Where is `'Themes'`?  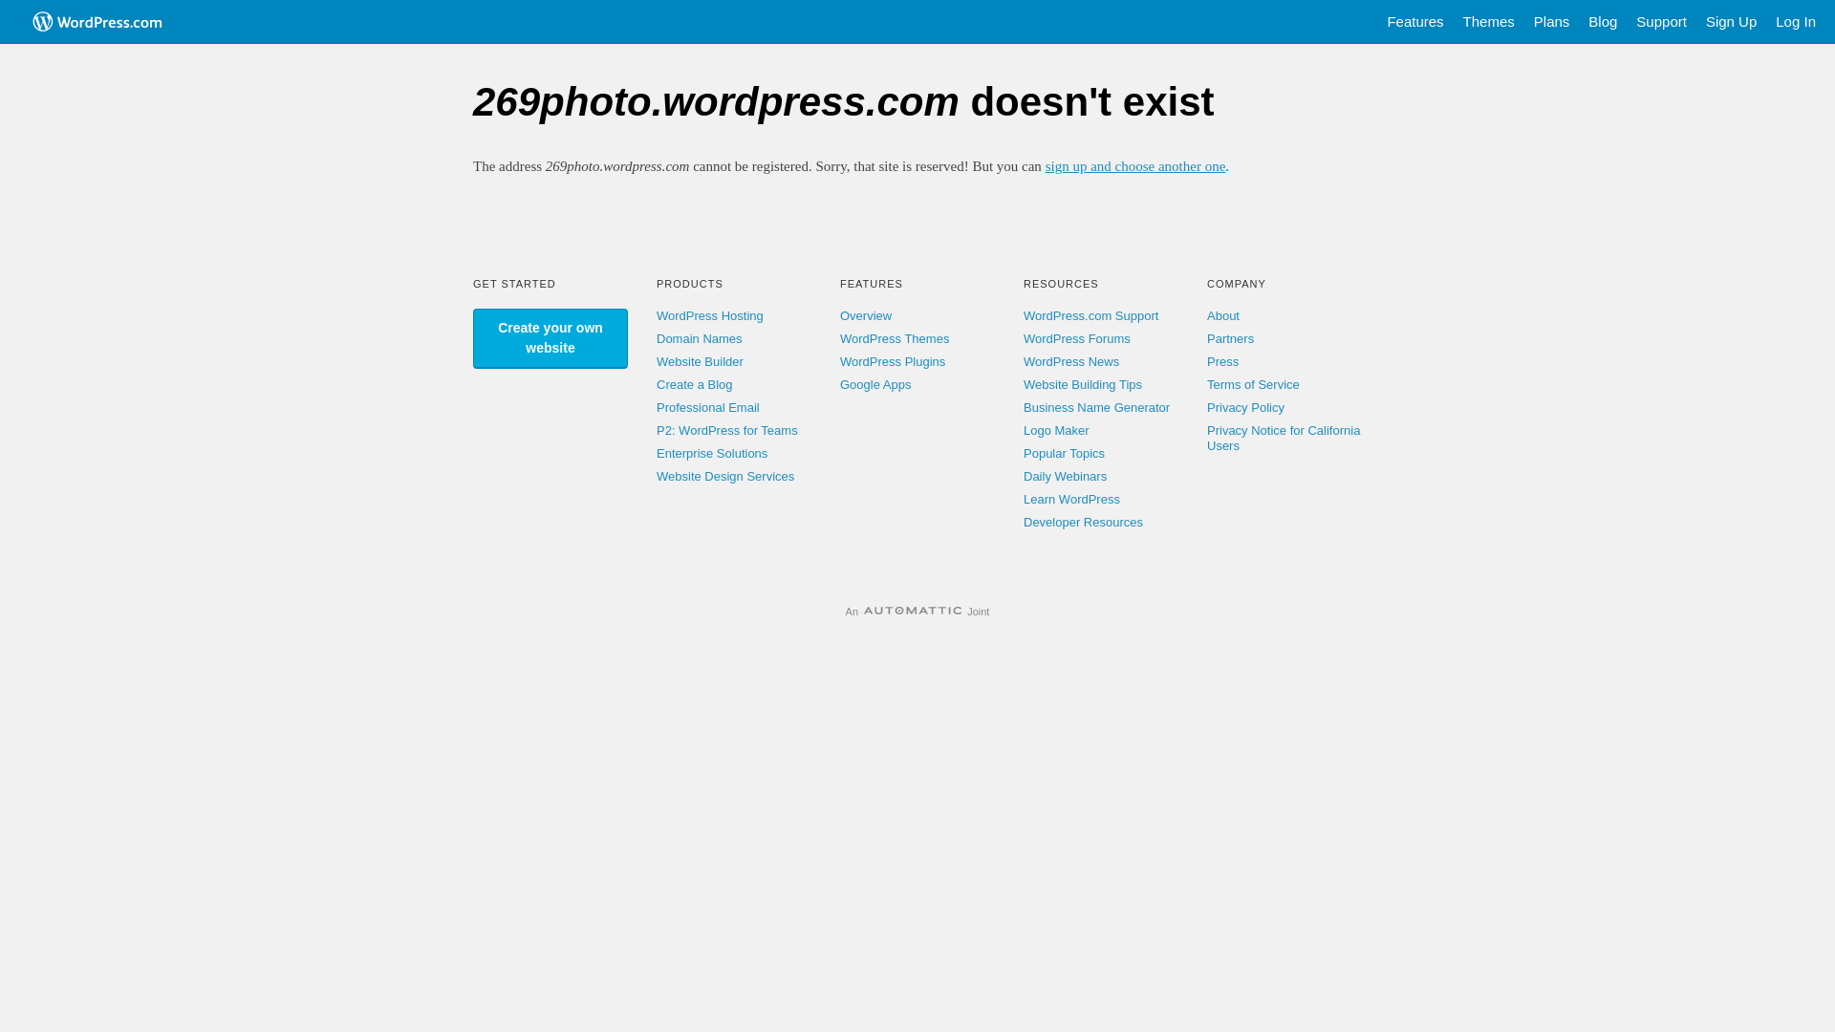
'Themes' is located at coordinates (1488, 22).